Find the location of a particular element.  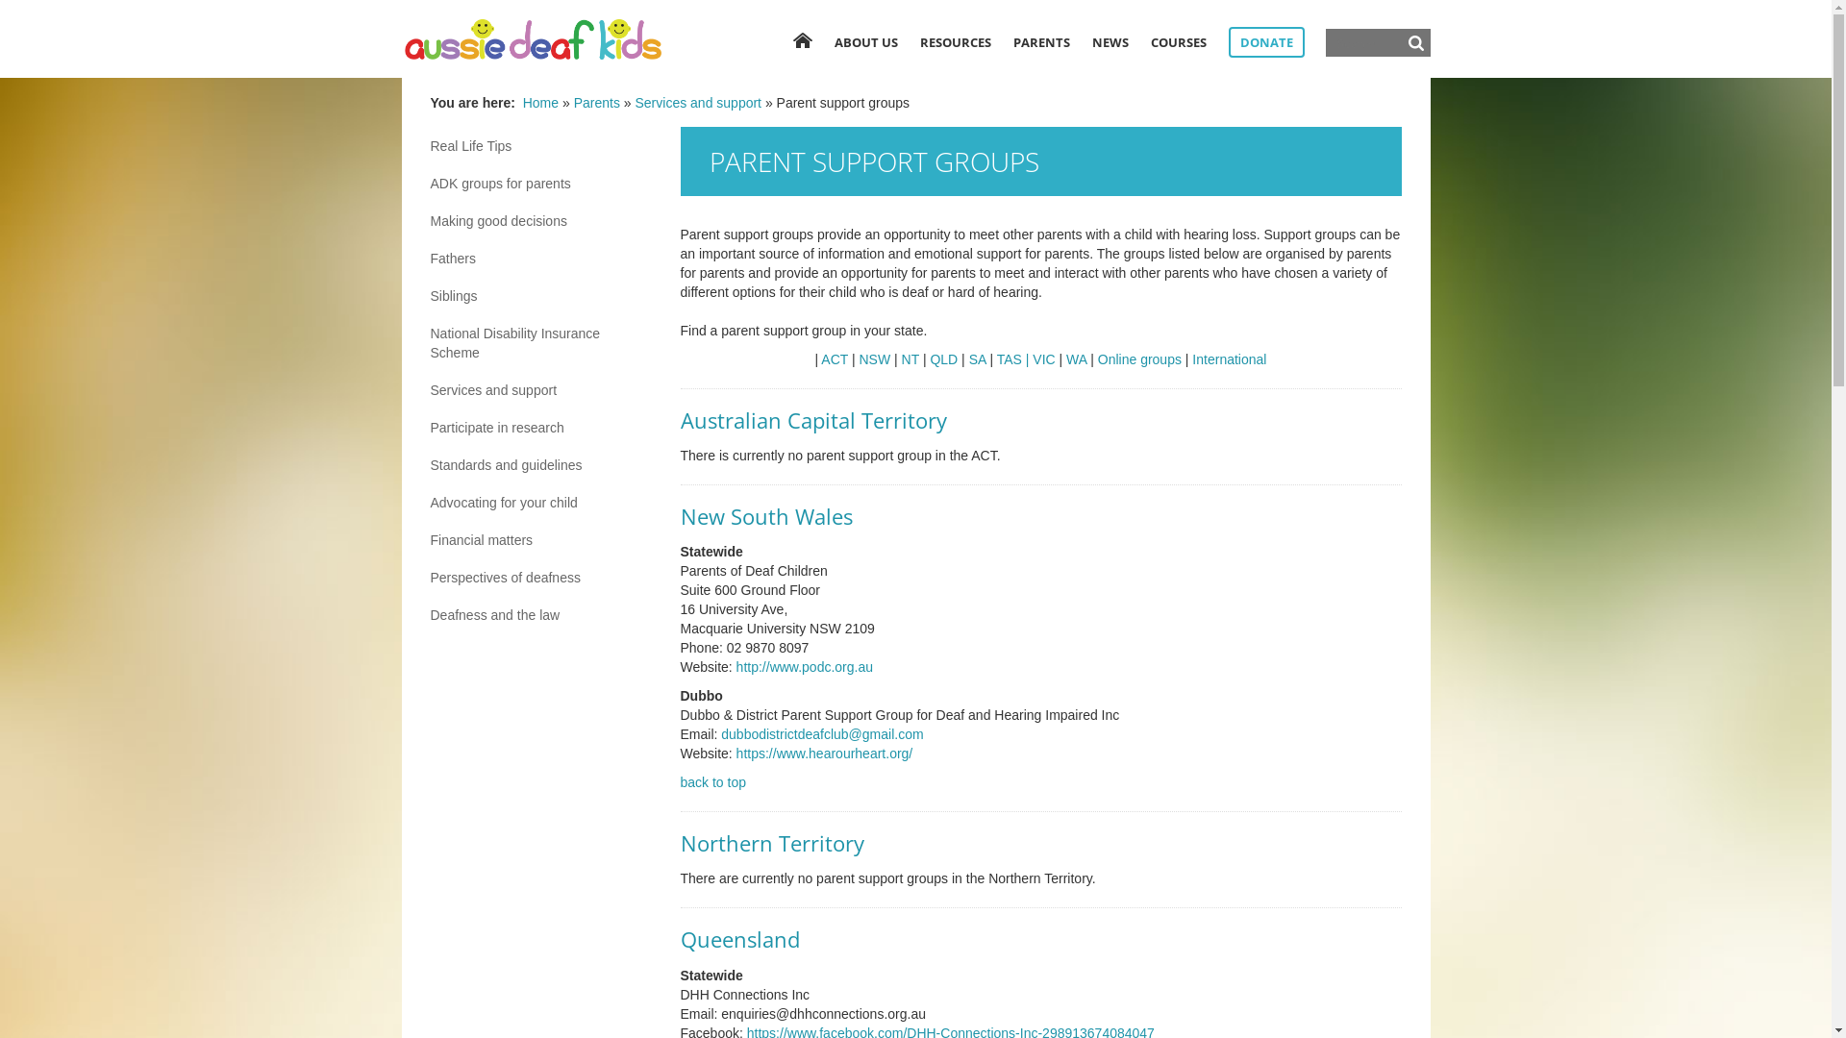

'dubbodistrictdeafclub@gmail.com' is located at coordinates (821, 733).